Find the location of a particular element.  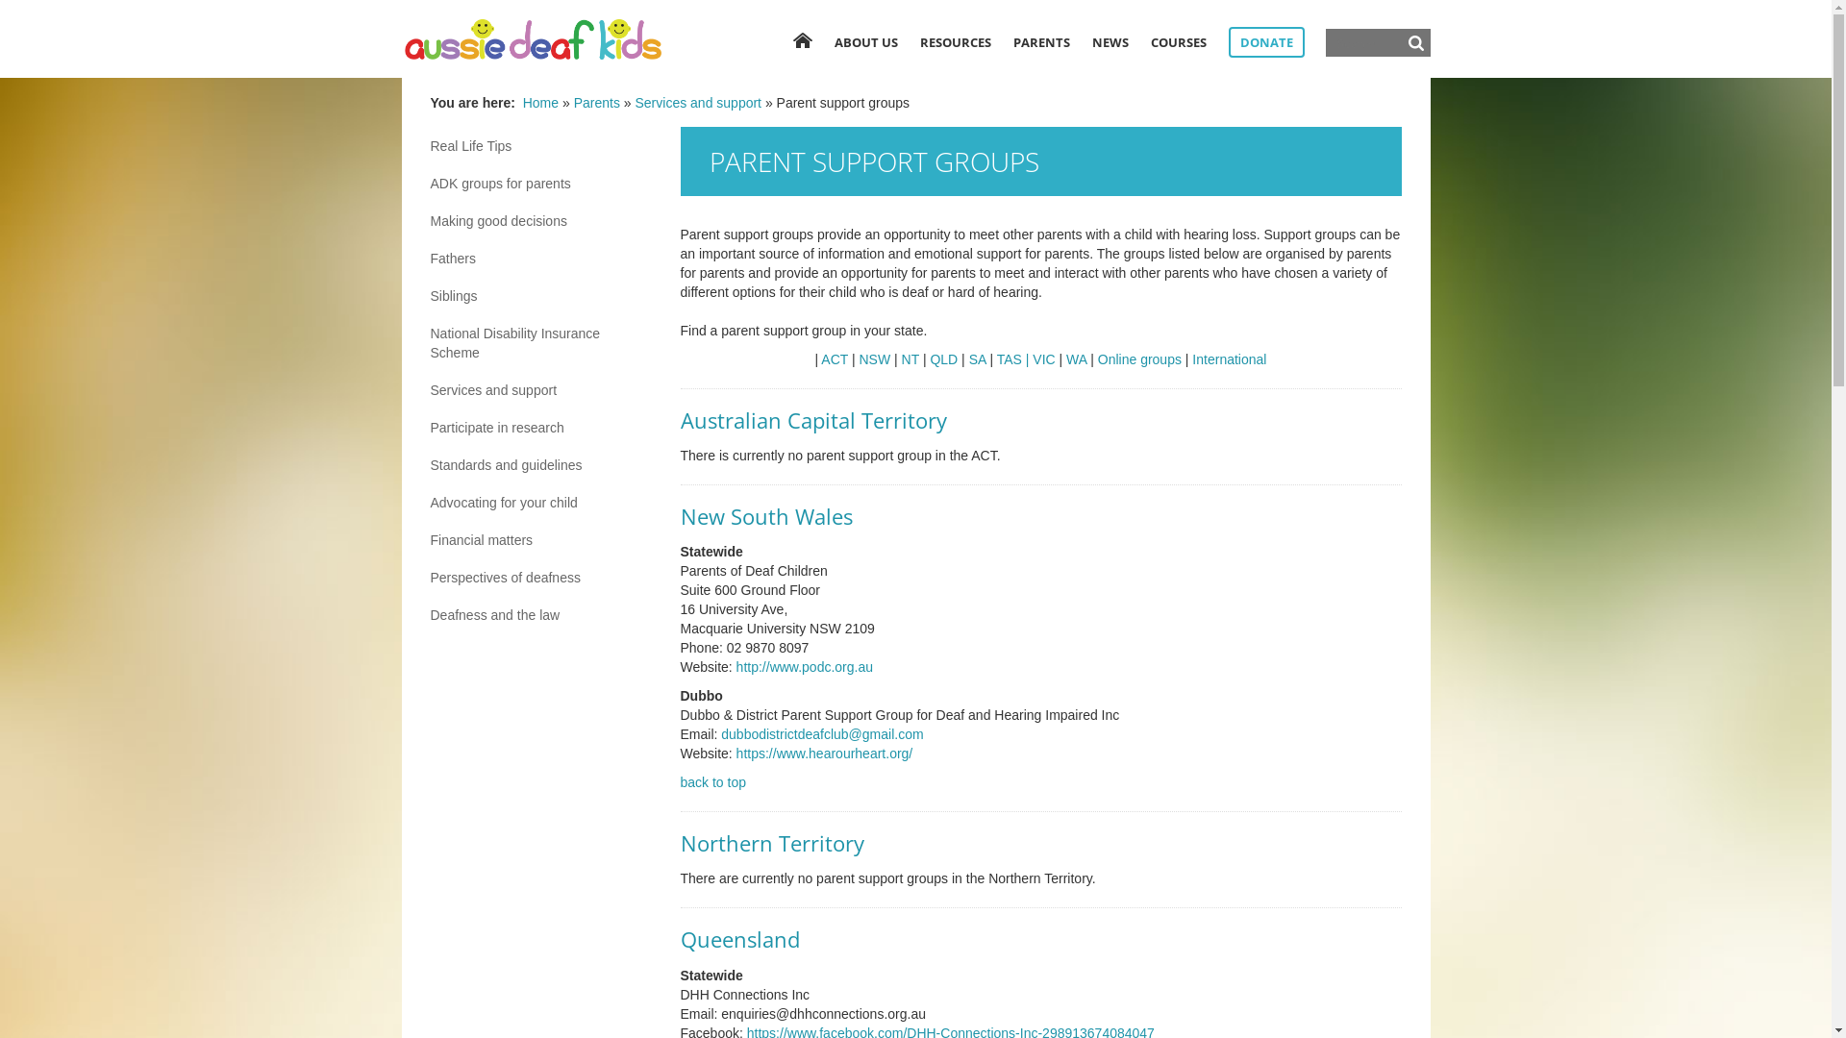

'dubbodistrictdeafclub@gmail.com' is located at coordinates (821, 733).